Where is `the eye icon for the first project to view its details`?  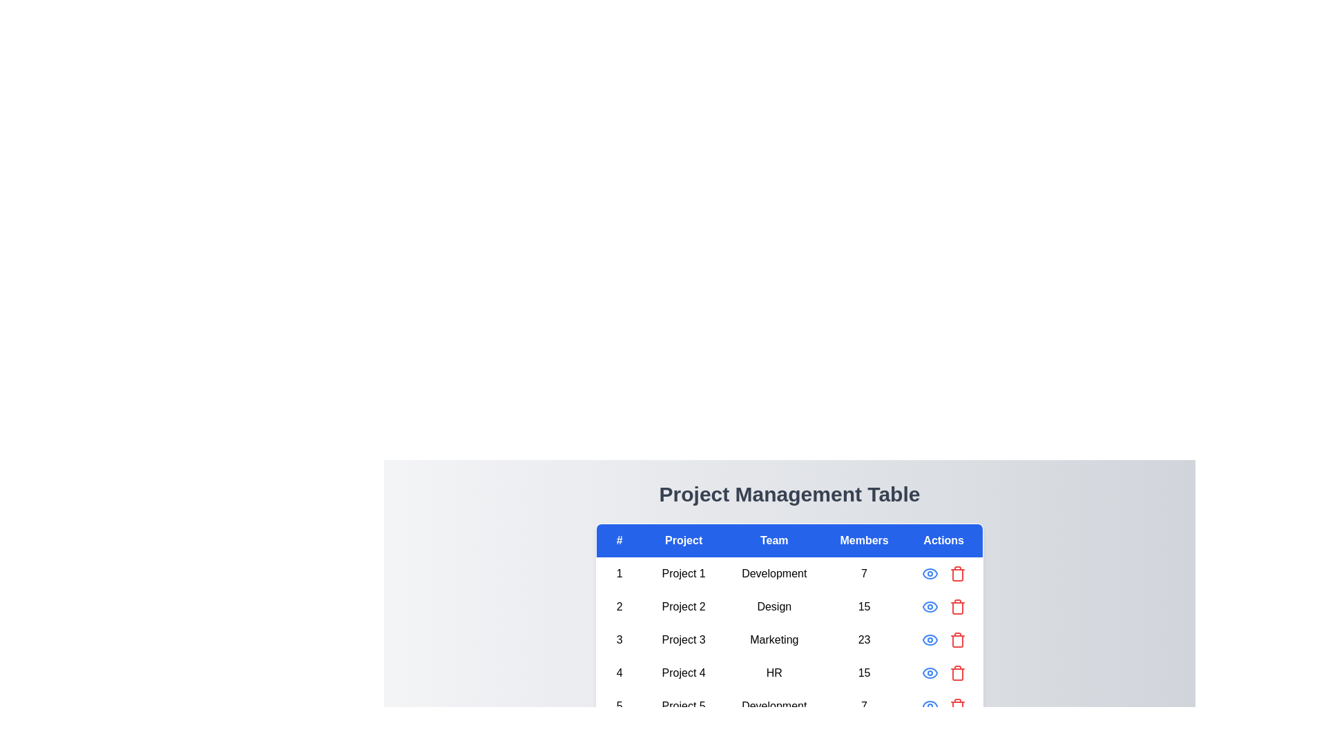 the eye icon for the first project to view its details is located at coordinates (930, 574).